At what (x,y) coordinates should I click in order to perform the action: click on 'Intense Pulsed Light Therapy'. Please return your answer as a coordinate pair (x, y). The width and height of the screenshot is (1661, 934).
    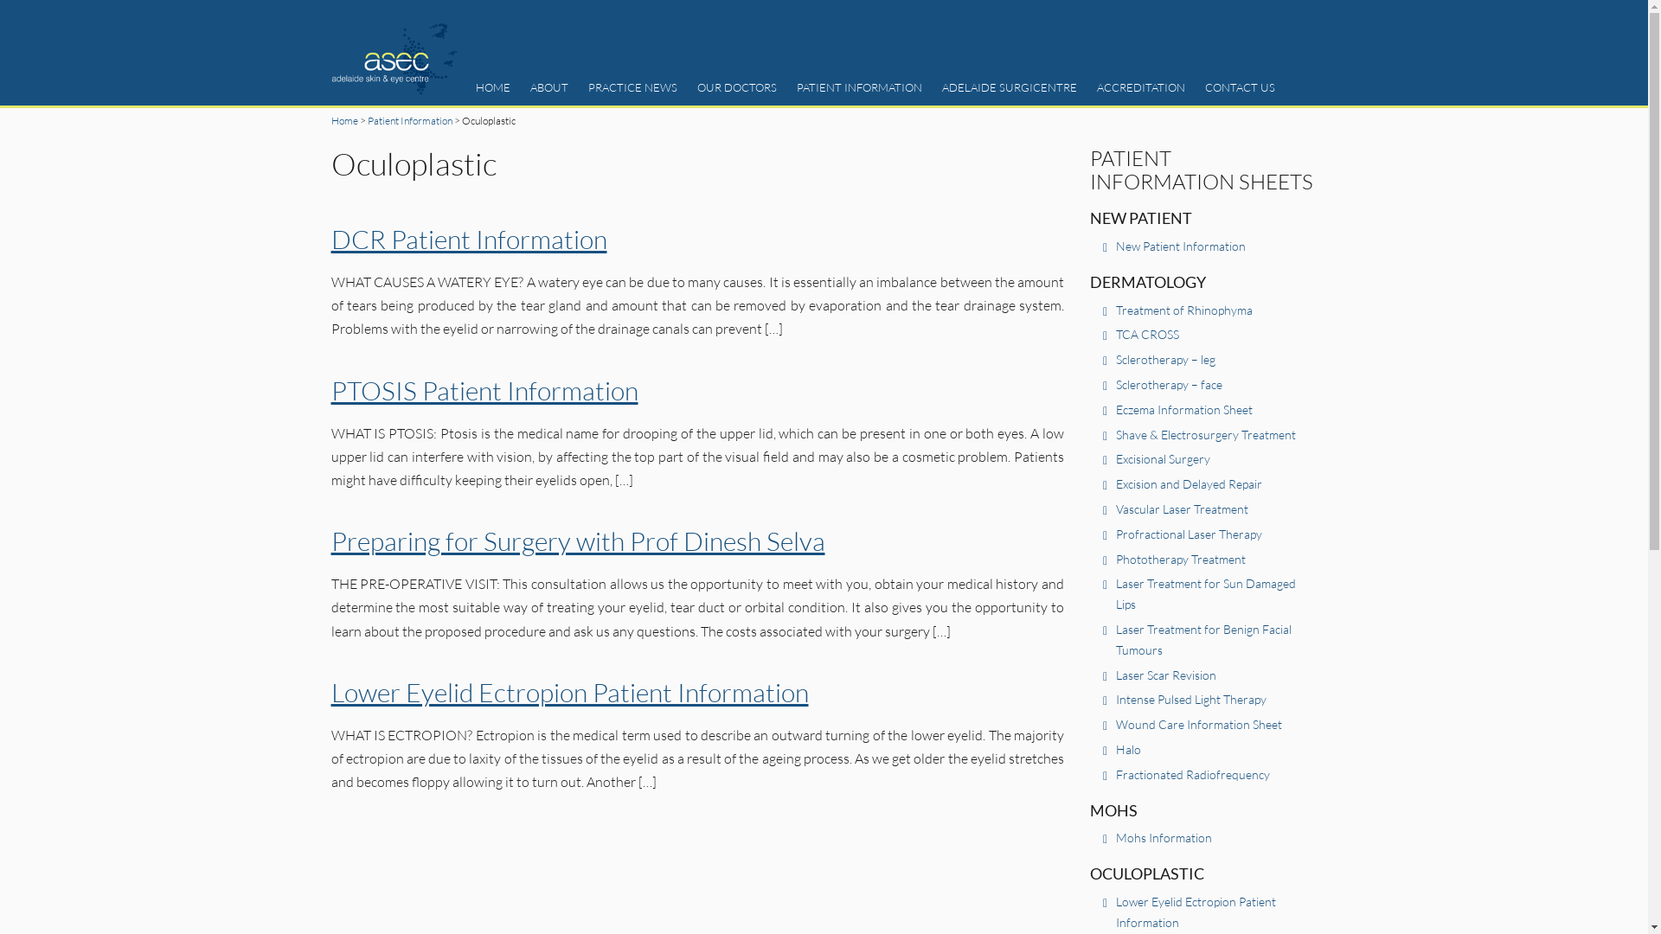
    Looking at the image, I should click on (1190, 698).